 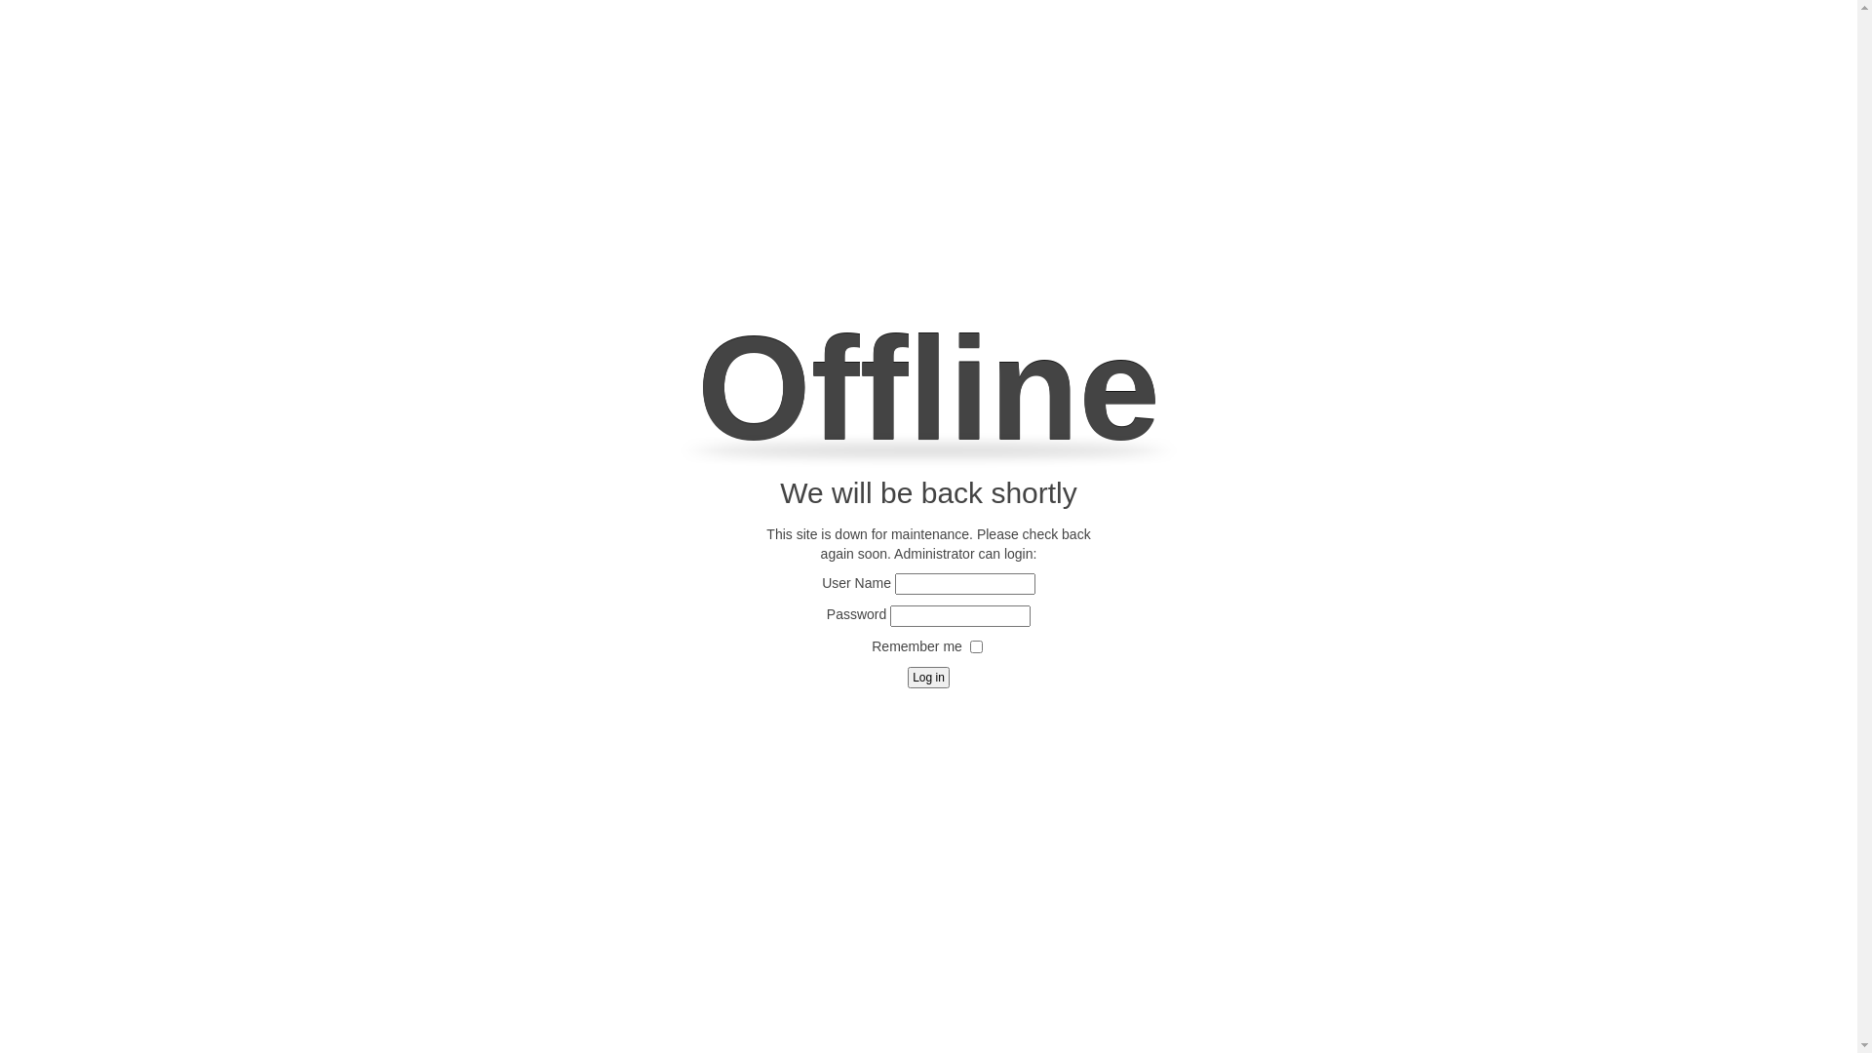 I want to click on 'Log in', so click(x=927, y=676).